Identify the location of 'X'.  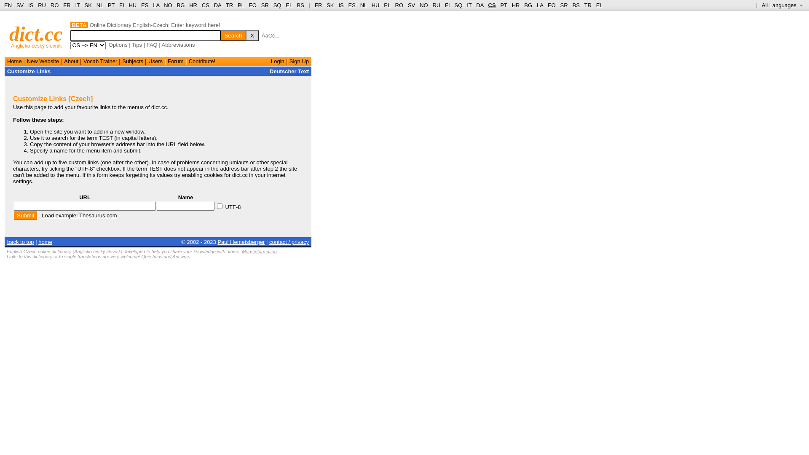
(252, 35).